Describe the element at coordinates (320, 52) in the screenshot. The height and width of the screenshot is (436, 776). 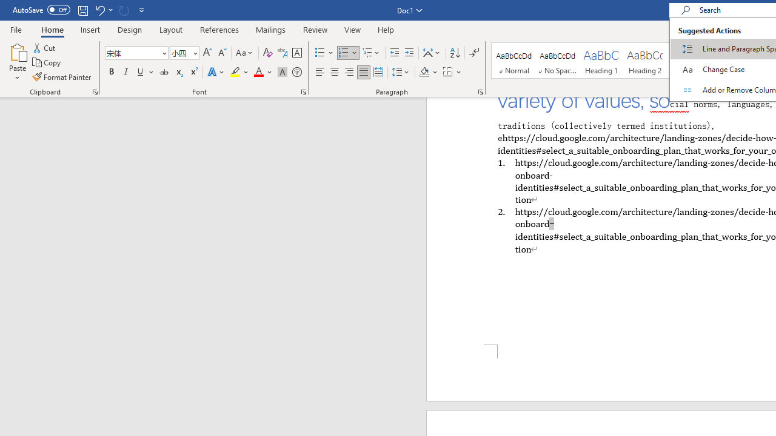
I see `'Bullets'` at that location.